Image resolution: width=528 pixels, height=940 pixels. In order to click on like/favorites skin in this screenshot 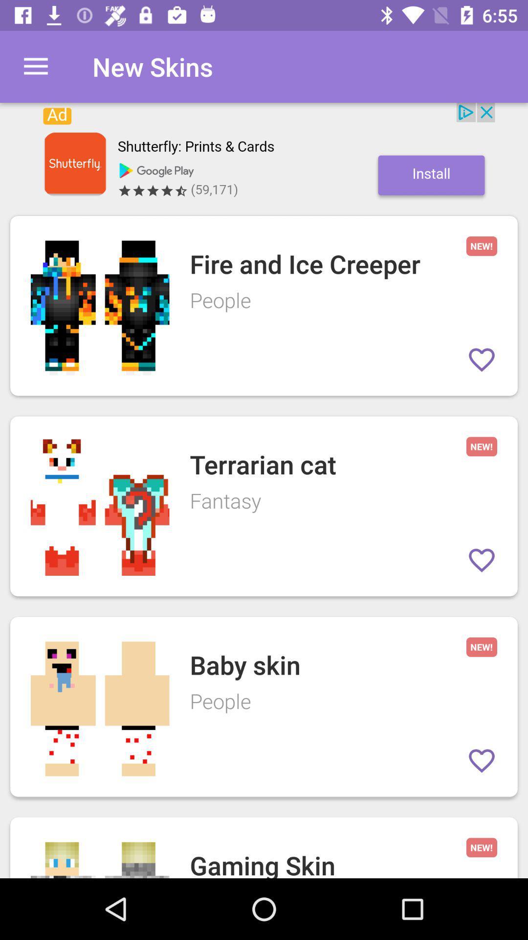, I will do `click(481, 760)`.